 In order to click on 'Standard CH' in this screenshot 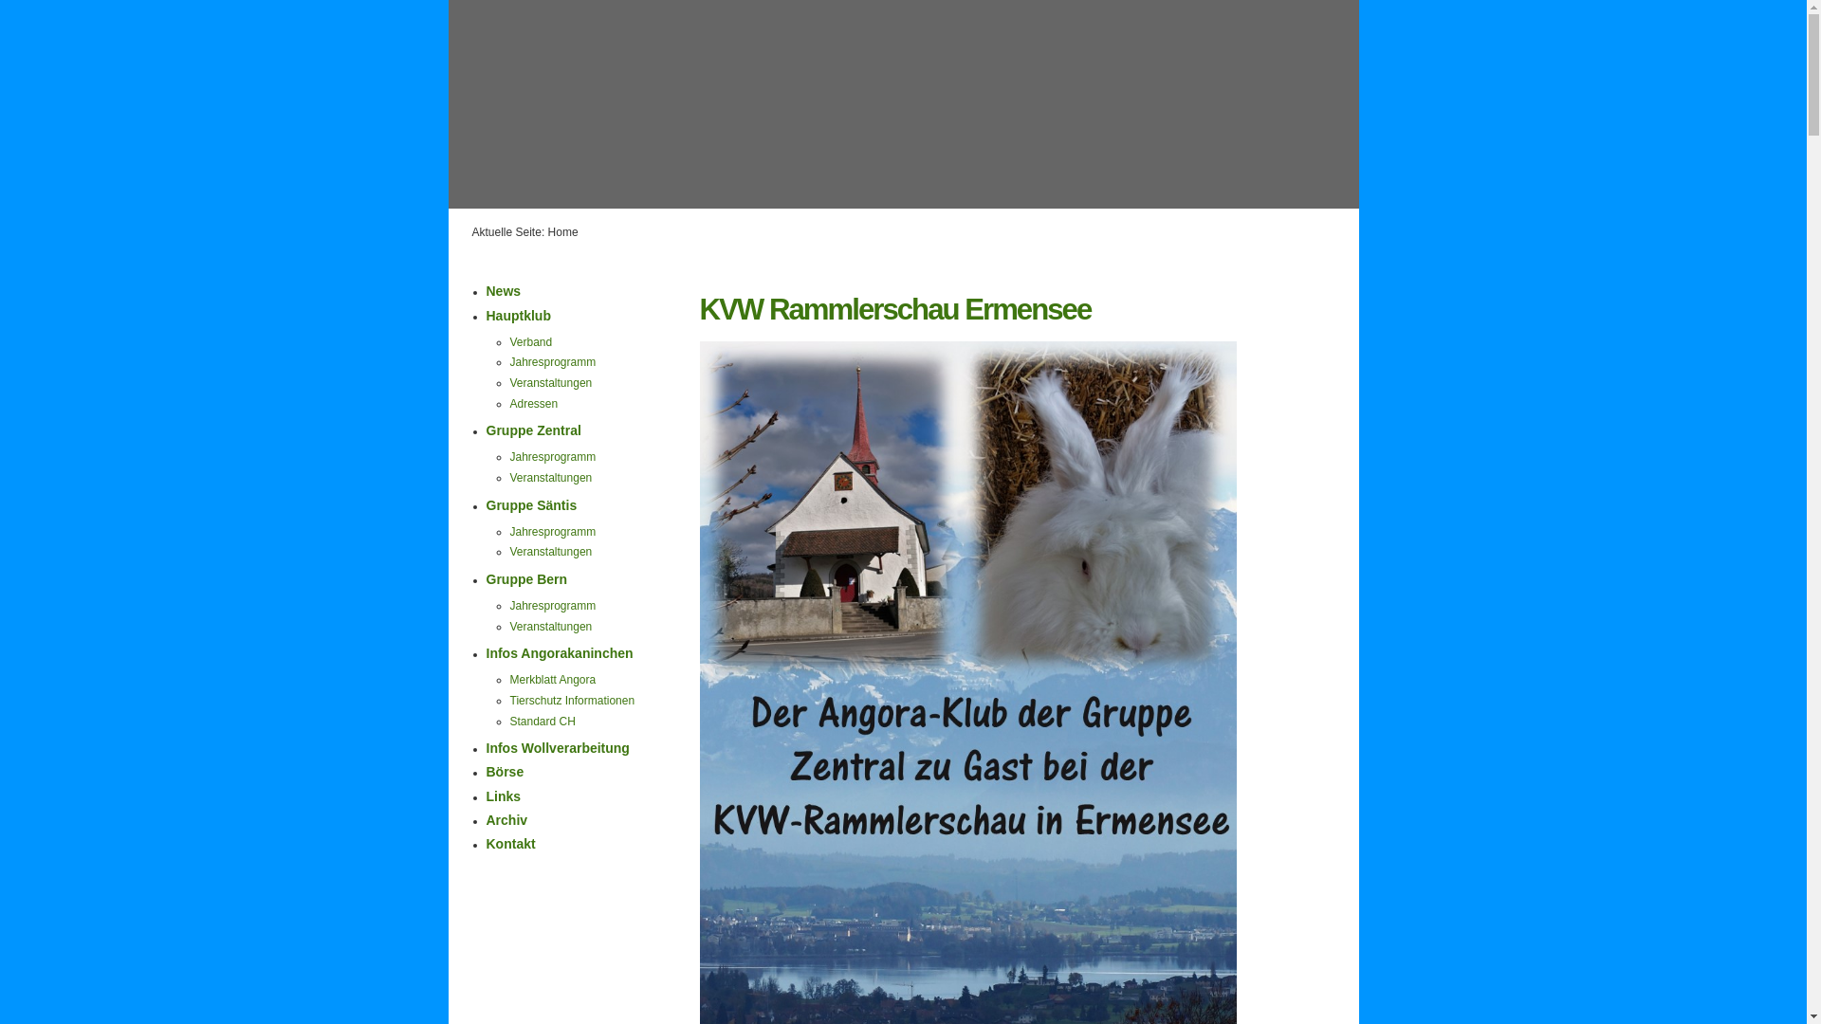, I will do `click(542, 721)`.